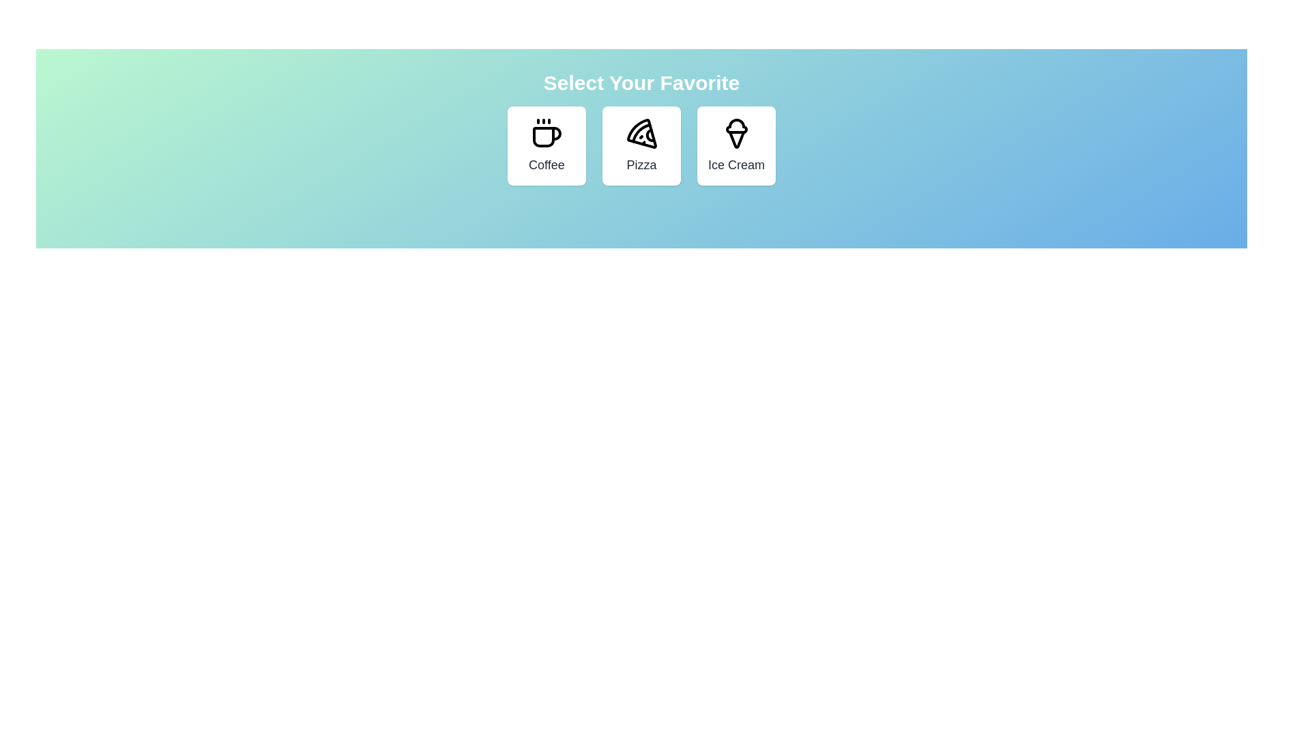  I want to click on the 'Ice Cream' button, which is the rightmost item in a horizontally aligned grid of options including 'Coffee' and 'Pizza', so click(736, 145).